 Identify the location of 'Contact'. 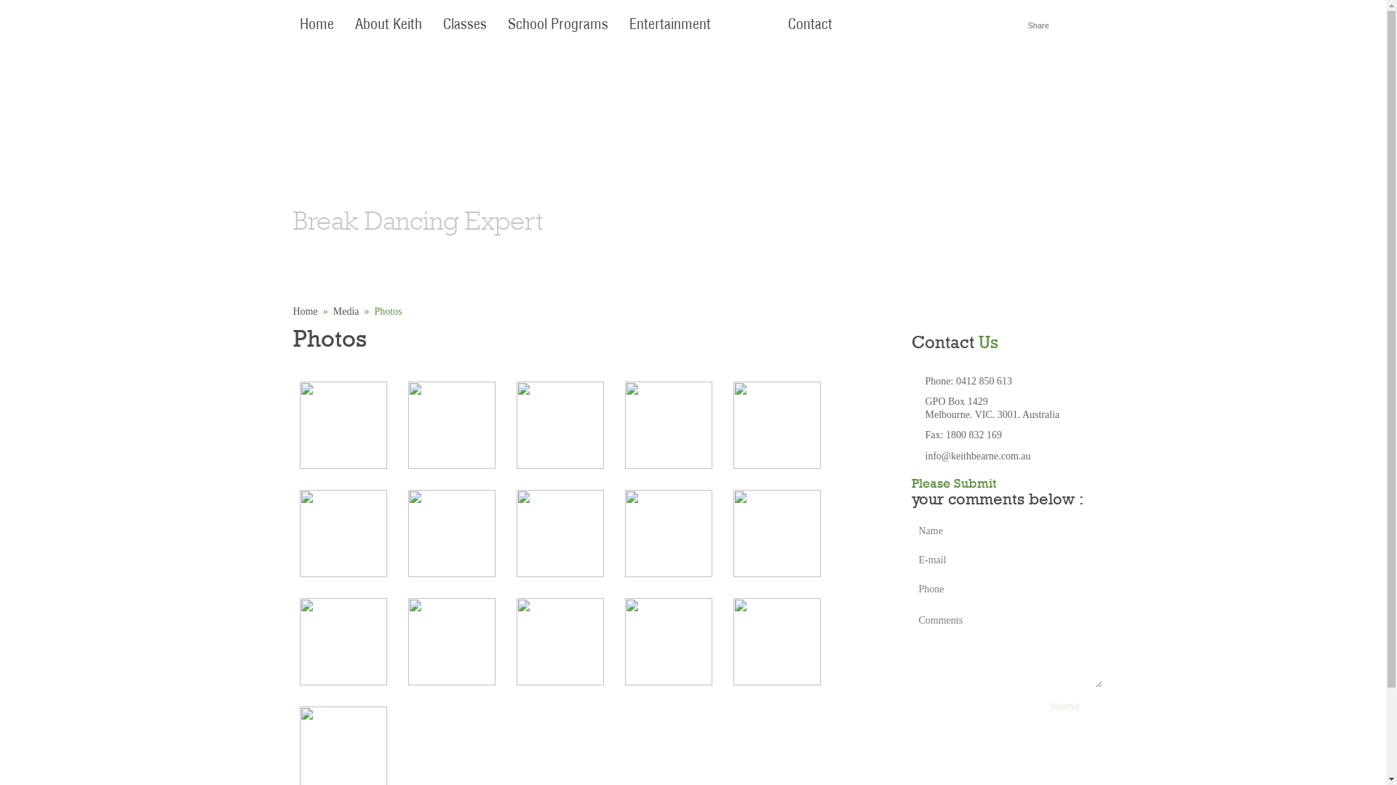
(809, 25).